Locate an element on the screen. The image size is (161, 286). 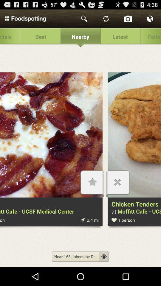
the close icon is located at coordinates (118, 195).